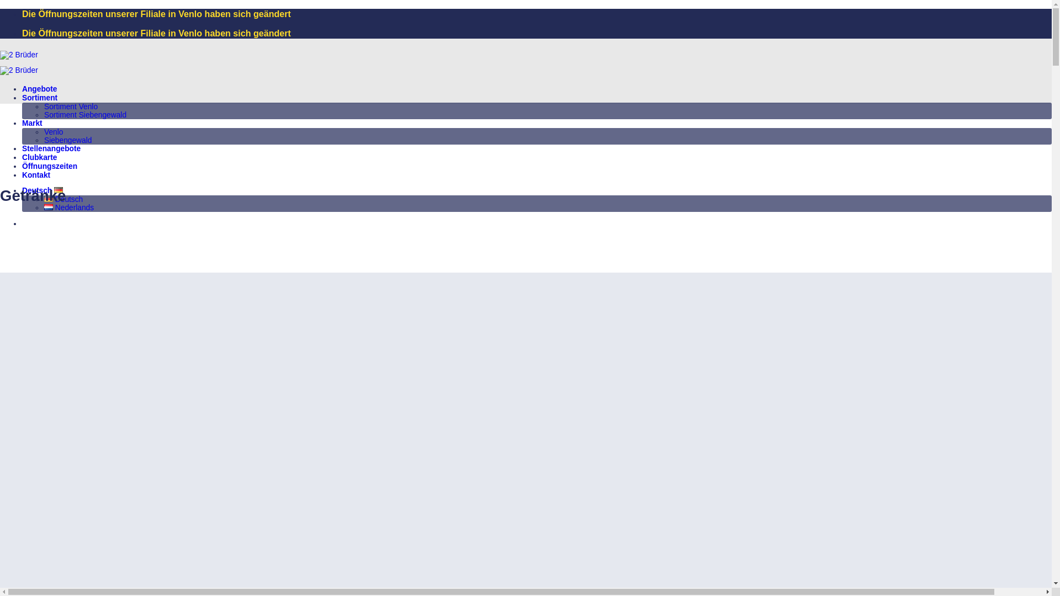 This screenshot has height=596, width=1060. What do you see at coordinates (36, 174) in the screenshot?
I see `'Kontakt'` at bounding box center [36, 174].